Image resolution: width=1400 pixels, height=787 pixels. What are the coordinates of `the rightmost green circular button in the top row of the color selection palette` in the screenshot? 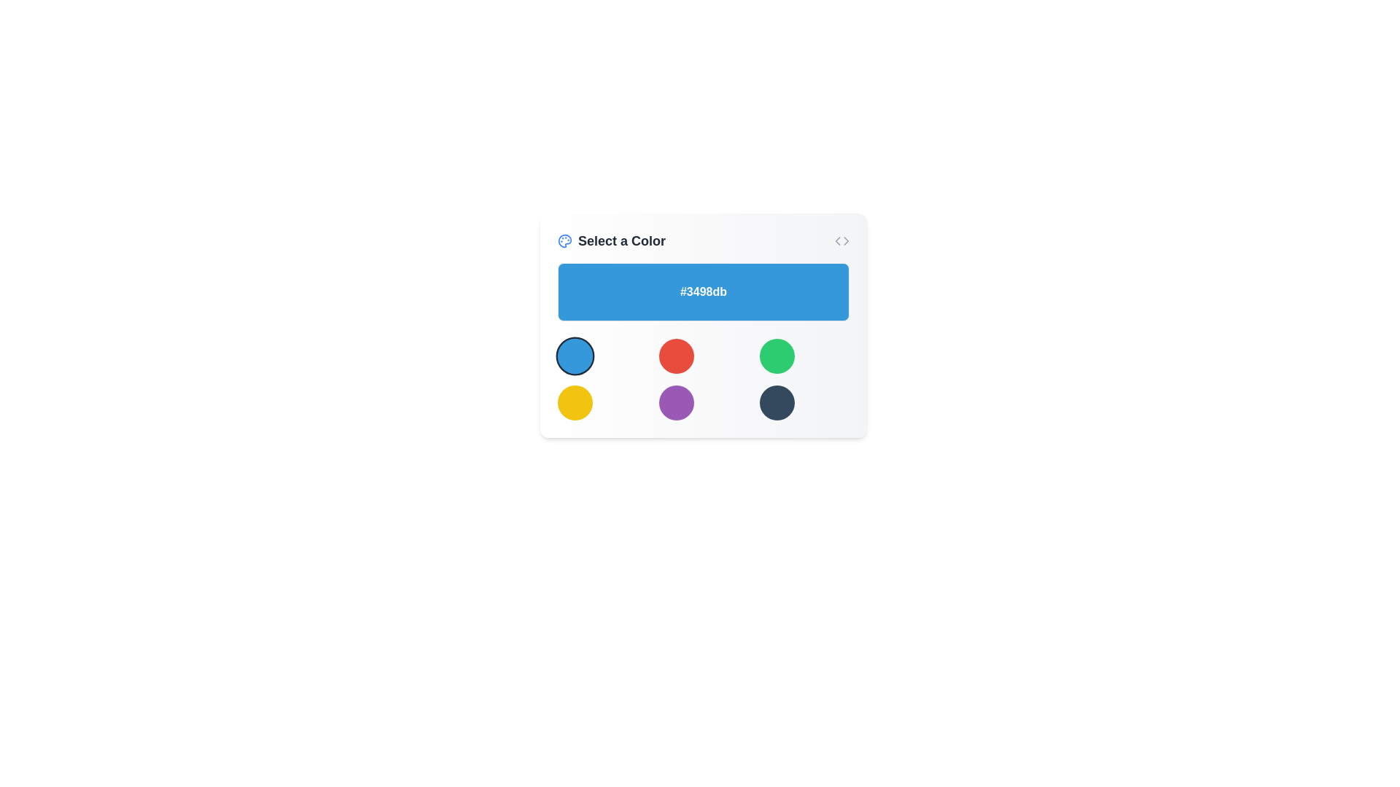 It's located at (777, 356).